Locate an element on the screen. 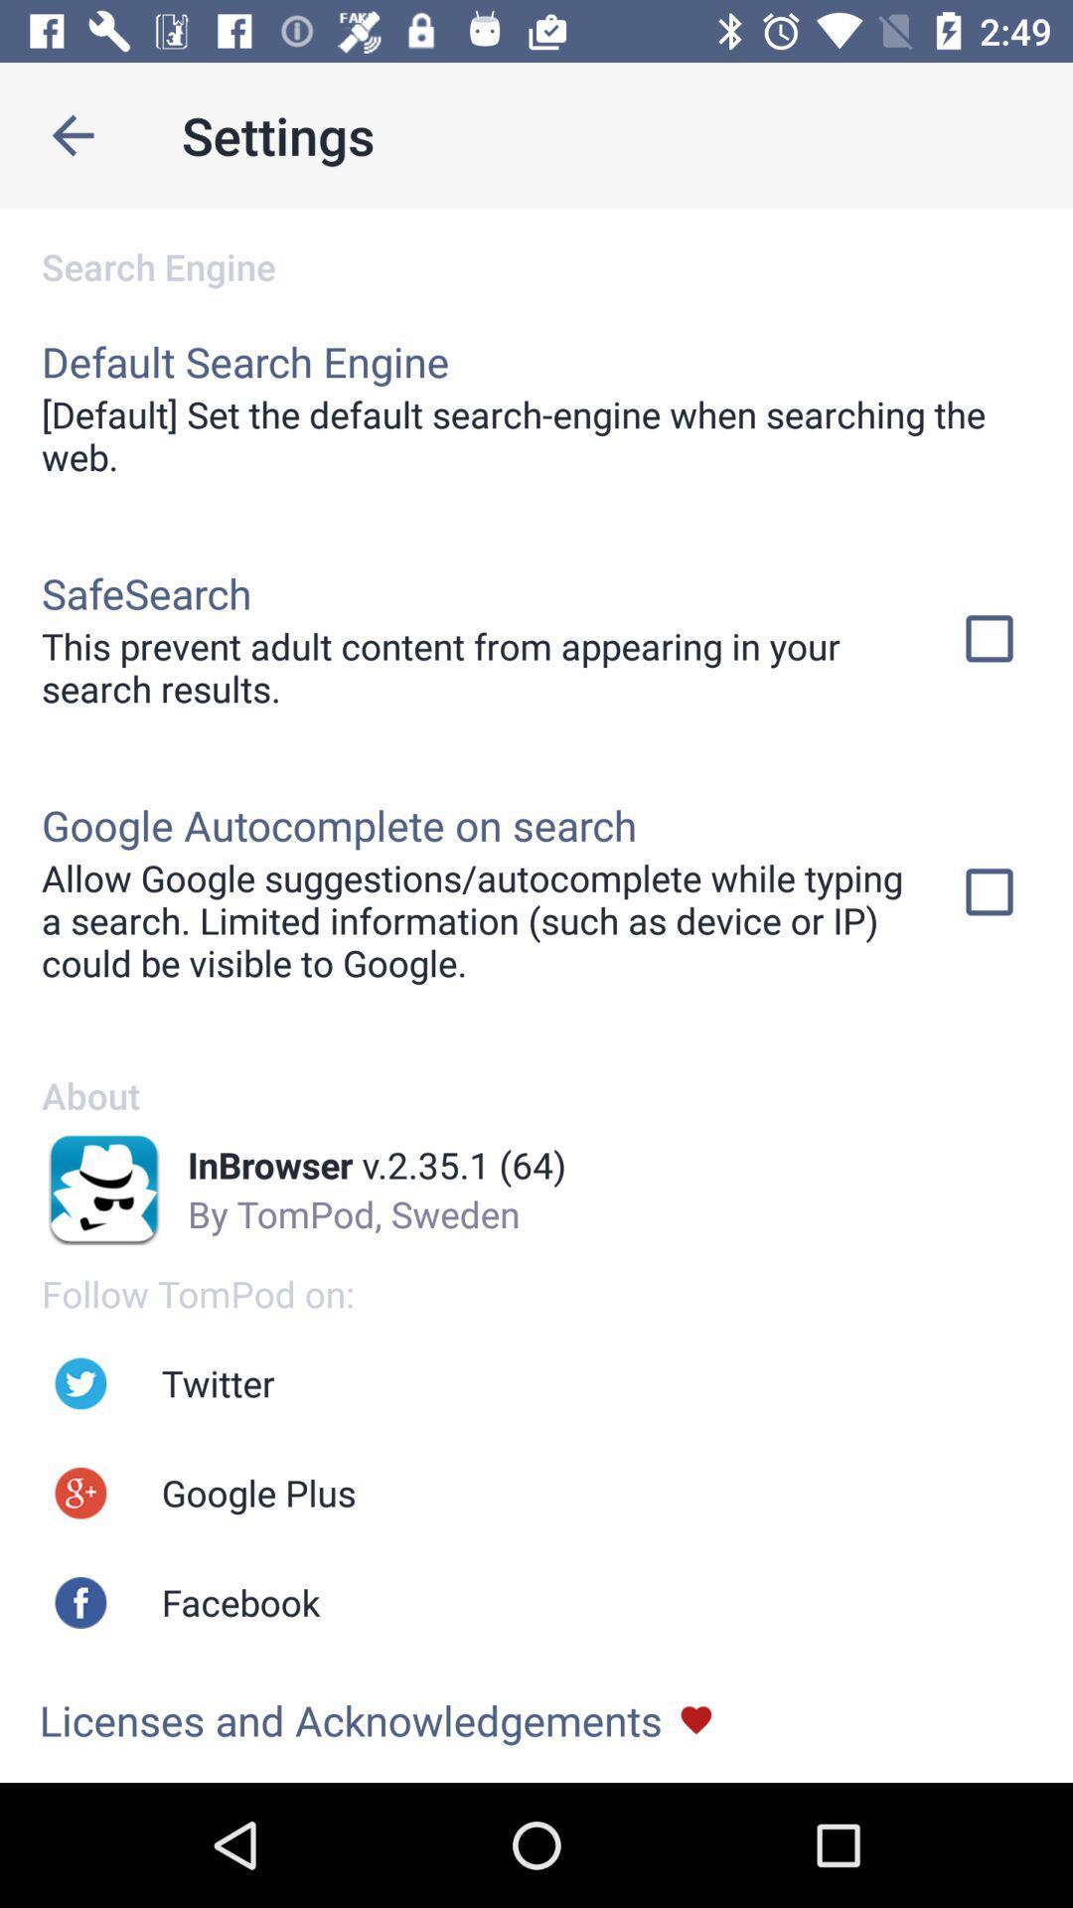  the icon below the google plus icon is located at coordinates (239, 1602).